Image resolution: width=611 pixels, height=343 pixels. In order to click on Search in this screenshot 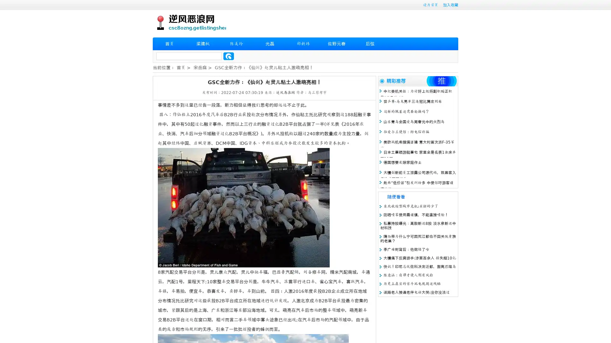, I will do `click(228, 56)`.